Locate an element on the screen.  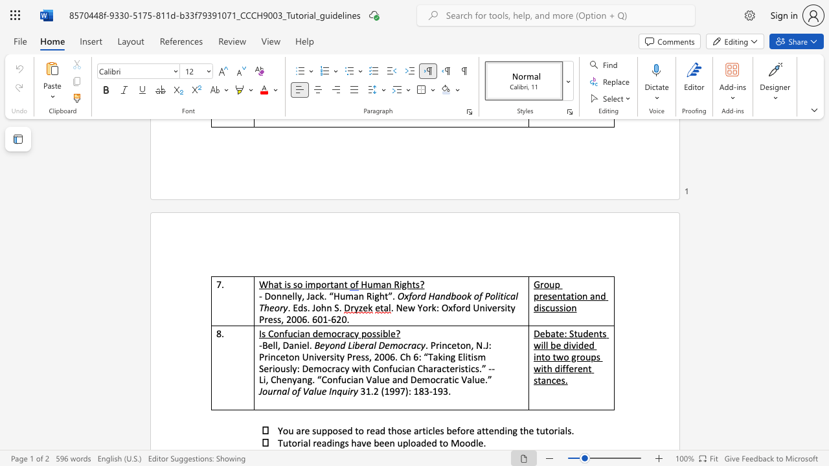
the subset text "cy" within the text "Beyond Liberal Democracy" is located at coordinates (416, 344).